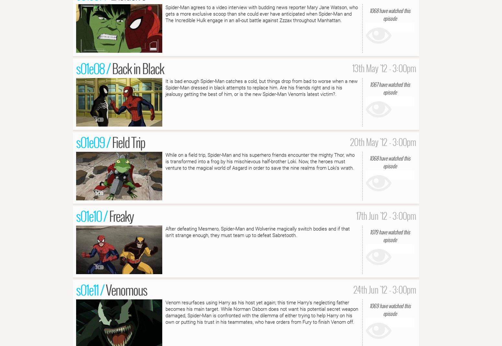 The width and height of the screenshot is (502, 346). What do you see at coordinates (126, 289) in the screenshot?
I see `'Venomous'` at bounding box center [126, 289].